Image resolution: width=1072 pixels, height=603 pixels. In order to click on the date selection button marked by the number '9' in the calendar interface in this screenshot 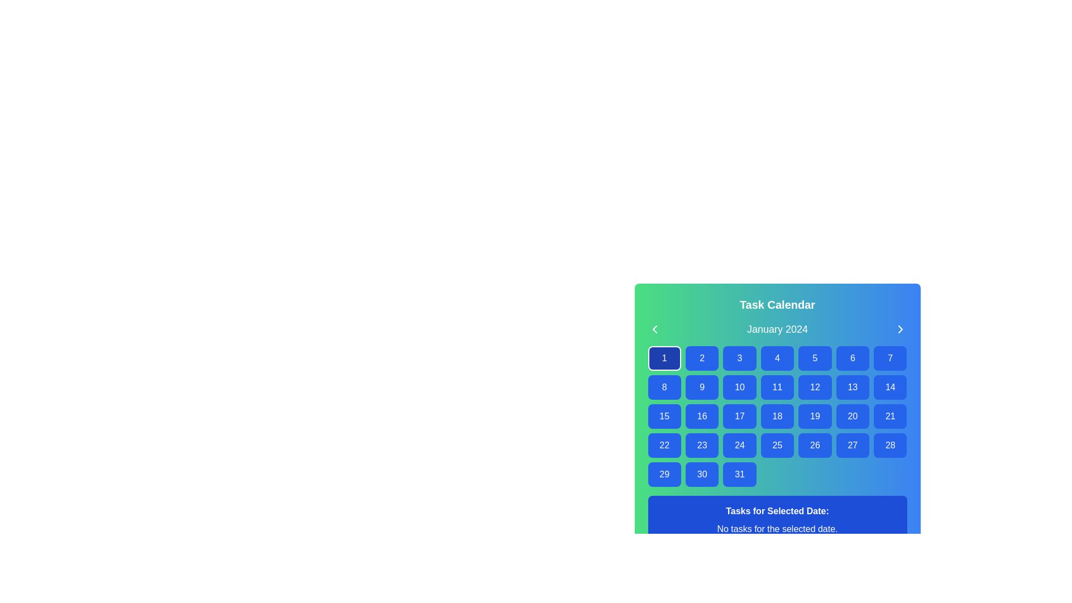, I will do `click(701, 387)`.